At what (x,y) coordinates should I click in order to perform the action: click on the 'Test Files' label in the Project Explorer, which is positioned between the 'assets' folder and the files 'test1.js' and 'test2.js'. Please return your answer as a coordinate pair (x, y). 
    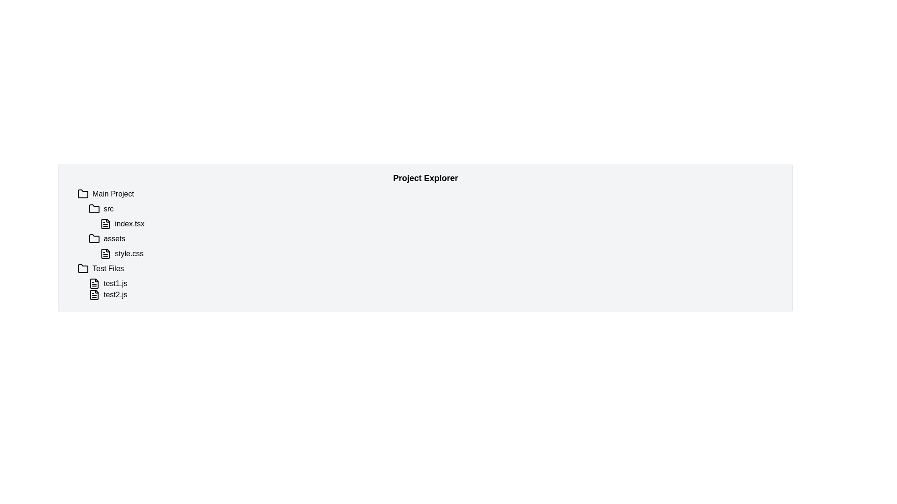
    Looking at the image, I should click on (108, 268).